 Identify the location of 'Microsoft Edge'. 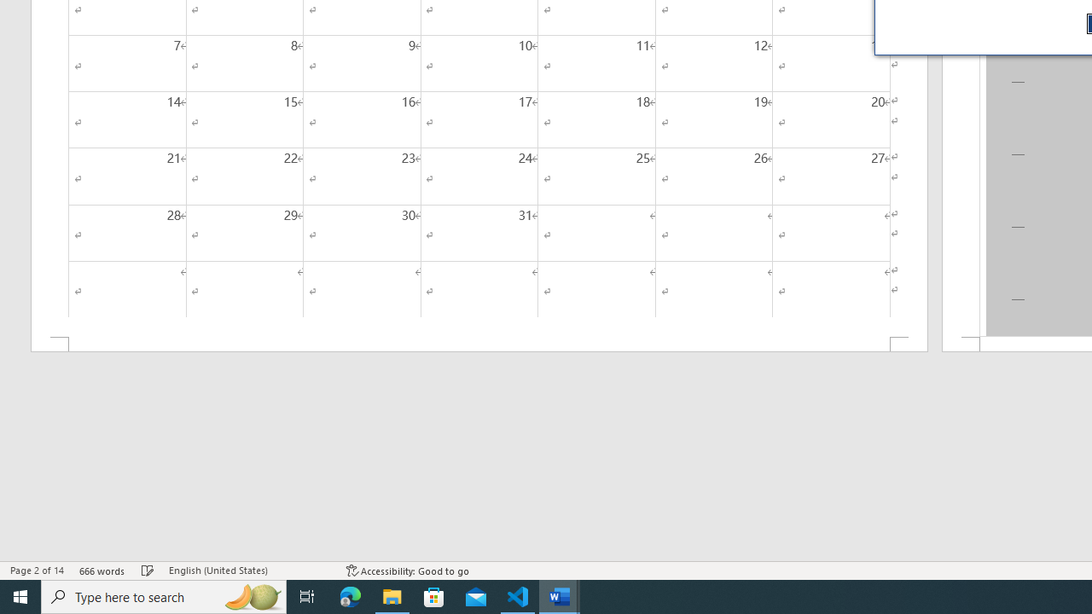
(350, 595).